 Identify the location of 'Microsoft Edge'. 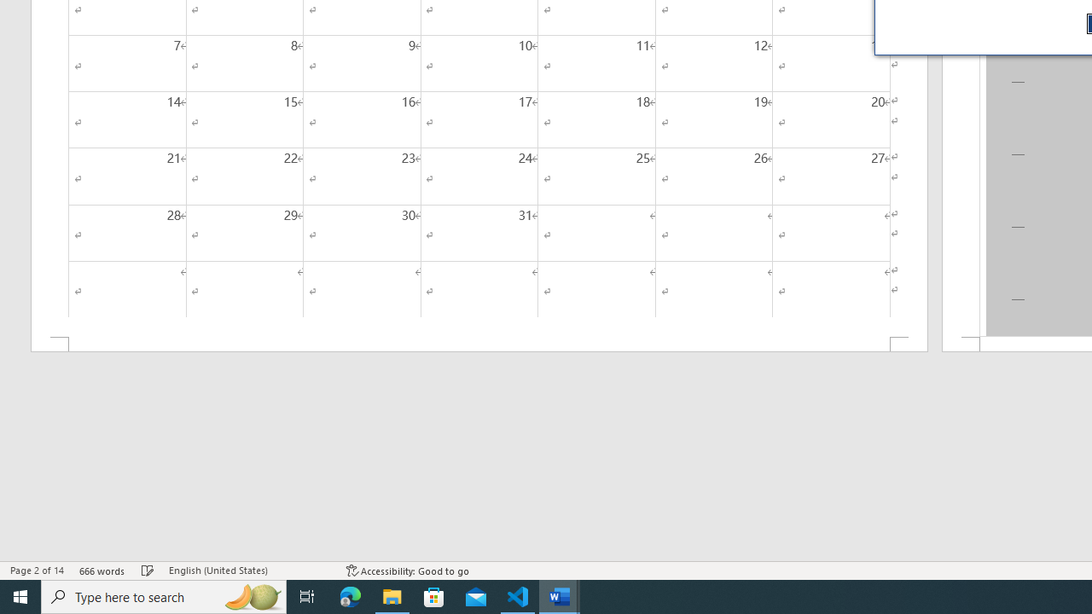
(350, 595).